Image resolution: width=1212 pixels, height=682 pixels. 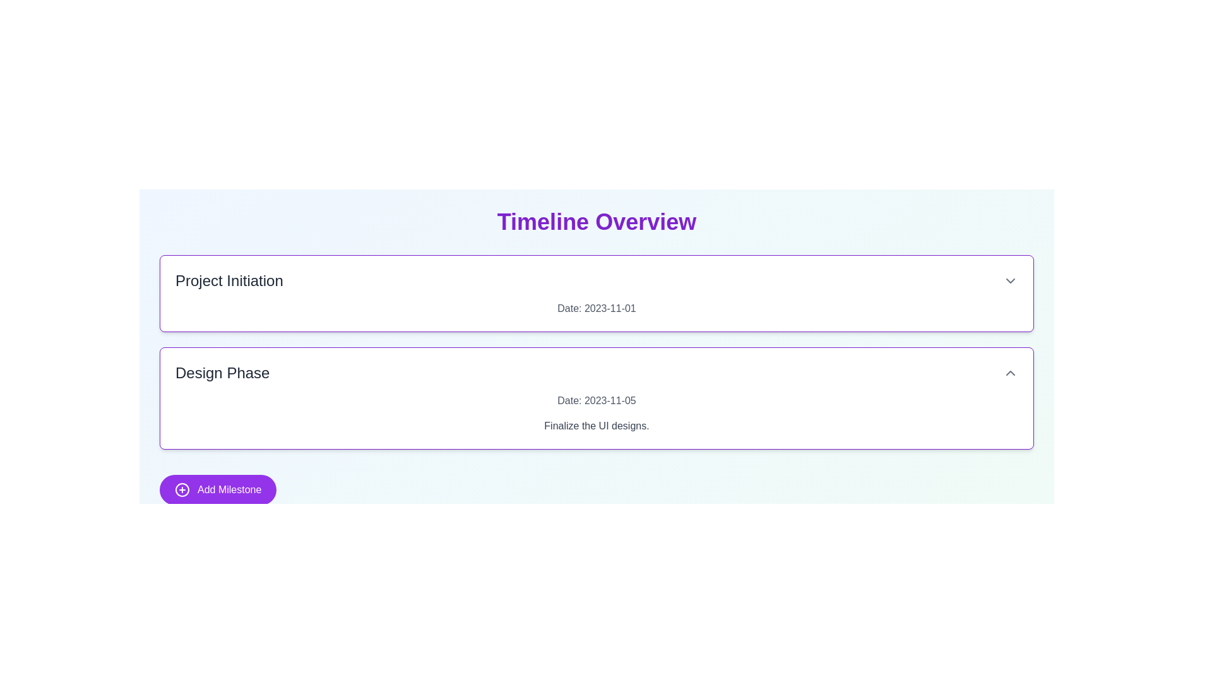 What do you see at coordinates (181, 489) in the screenshot?
I see `the purple circular icon with a white cross inside, located within the 'Add Milestone' button at the bottom-left corner of the interface` at bounding box center [181, 489].